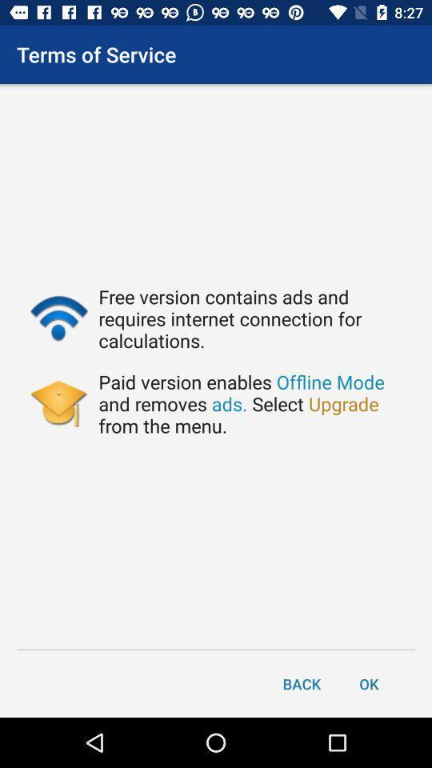 The height and width of the screenshot is (768, 432). Describe the element at coordinates (302, 682) in the screenshot. I see `the item next to ok icon` at that location.